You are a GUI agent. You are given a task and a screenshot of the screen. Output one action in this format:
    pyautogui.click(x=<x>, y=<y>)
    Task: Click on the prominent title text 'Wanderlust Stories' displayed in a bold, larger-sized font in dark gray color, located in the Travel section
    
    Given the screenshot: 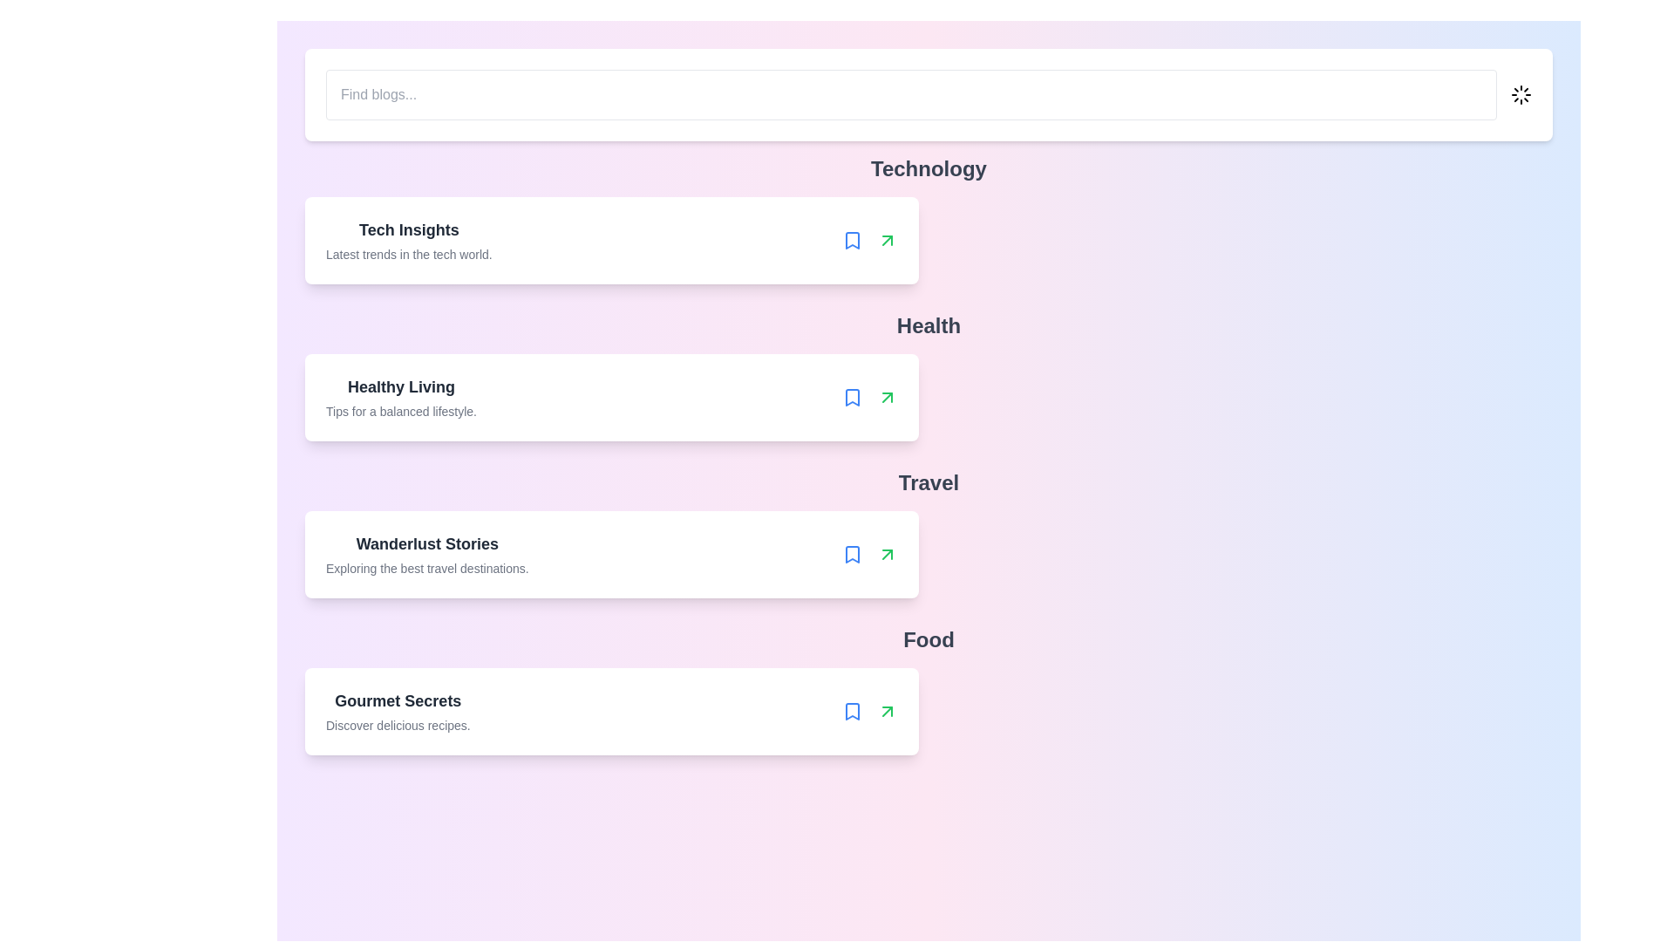 What is the action you would take?
    pyautogui.click(x=427, y=543)
    